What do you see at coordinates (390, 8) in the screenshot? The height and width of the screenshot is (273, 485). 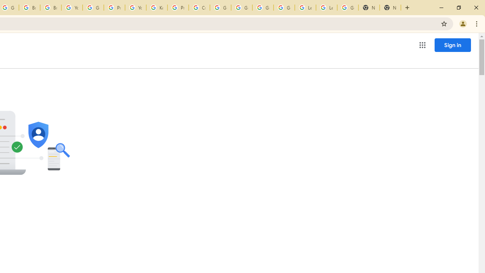 I see `'New Tab'` at bounding box center [390, 8].